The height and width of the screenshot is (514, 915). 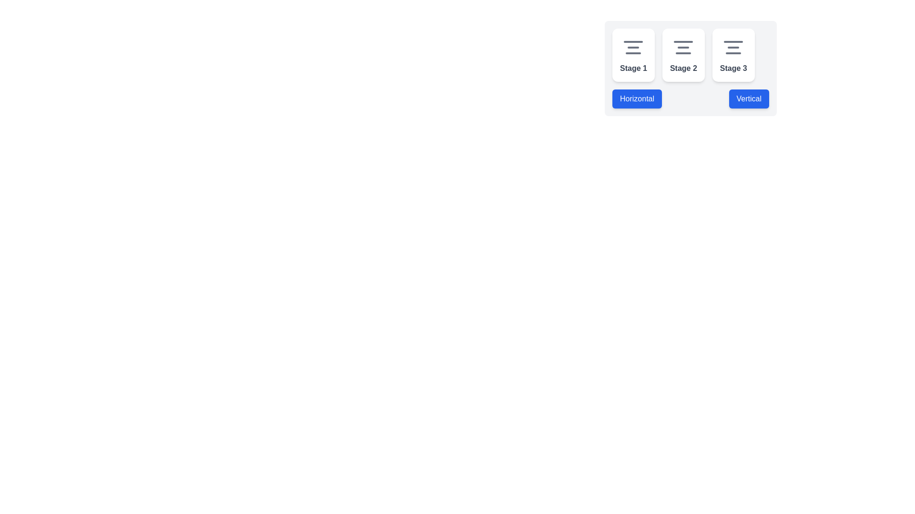 I want to click on the bright blue button labeled 'Horizontal', so click(x=637, y=99).